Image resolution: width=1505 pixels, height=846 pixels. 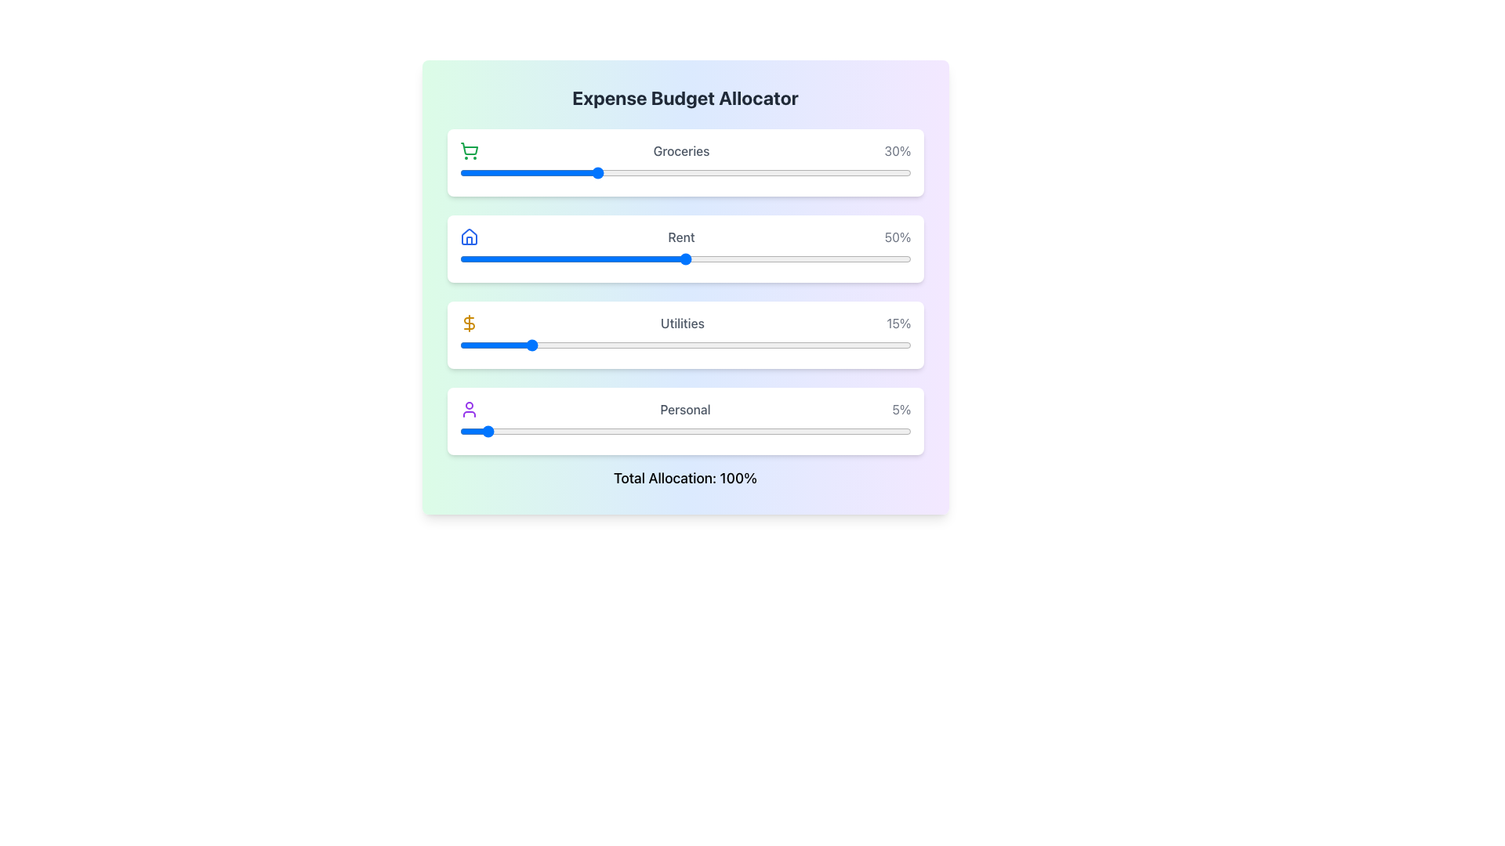 What do you see at coordinates (685, 322) in the screenshot?
I see `the 'Utilities' text label displaying '15%' within the budgeting interface, which is the third element in a series of category labels` at bounding box center [685, 322].